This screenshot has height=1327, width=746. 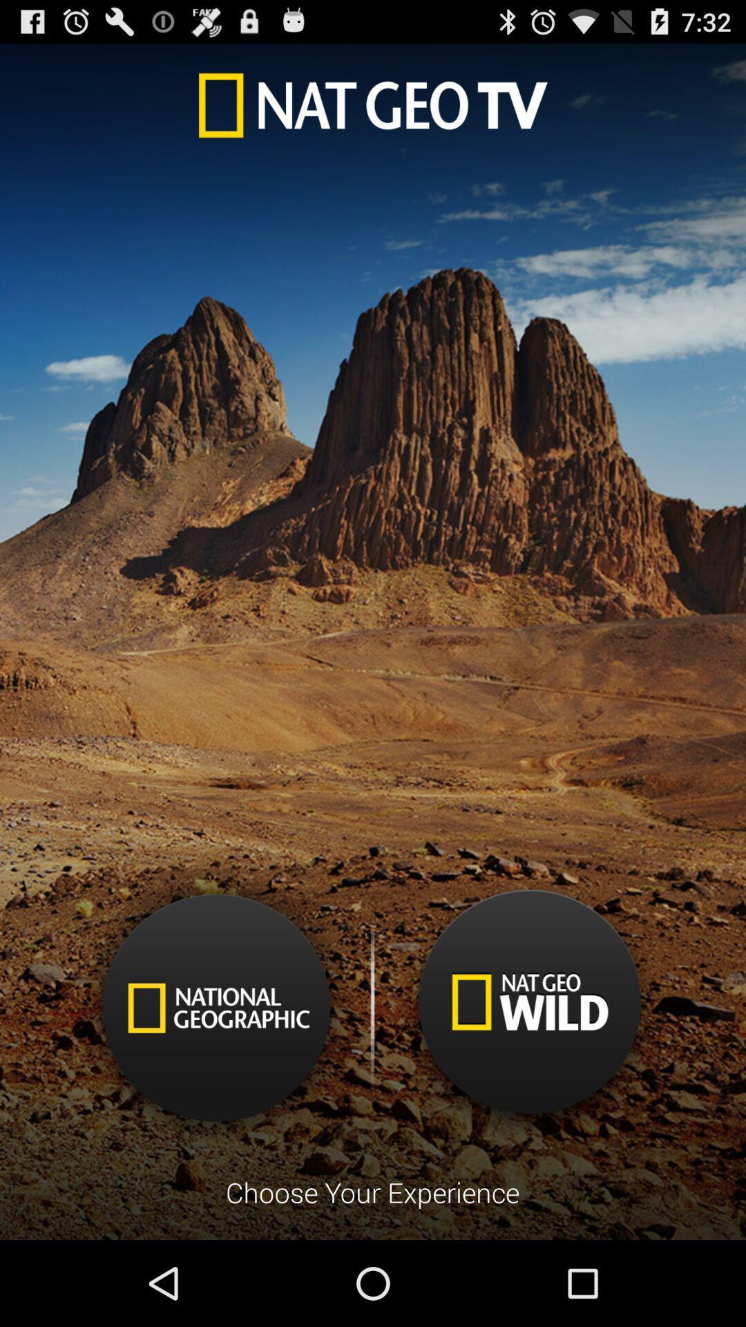 I want to click on this button is used to choose a national geographic channel, so click(x=216, y=1008).